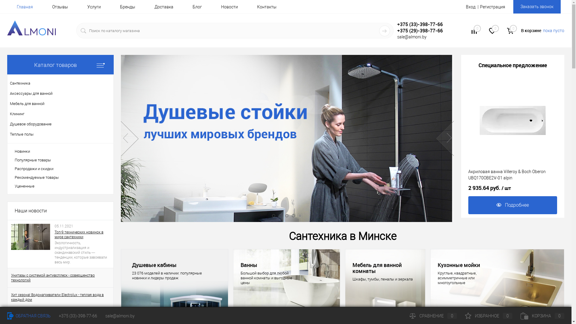  Describe the element at coordinates (397, 31) in the screenshot. I see `'+375 (29)-398-77-66'` at that location.